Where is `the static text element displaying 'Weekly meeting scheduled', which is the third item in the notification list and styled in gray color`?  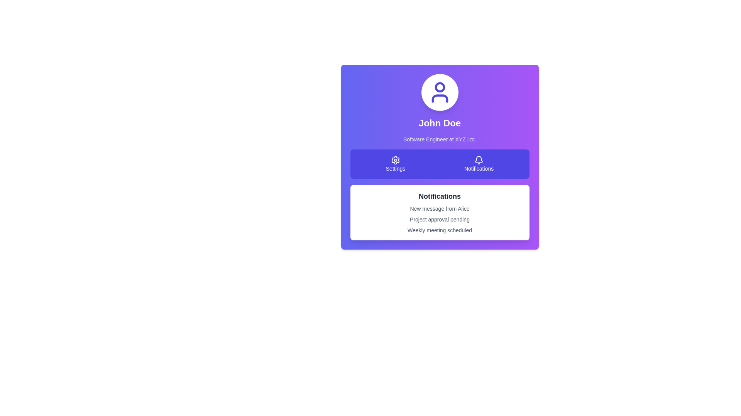 the static text element displaying 'Weekly meeting scheduled', which is the third item in the notification list and styled in gray color is located at coordinates (440, 230).